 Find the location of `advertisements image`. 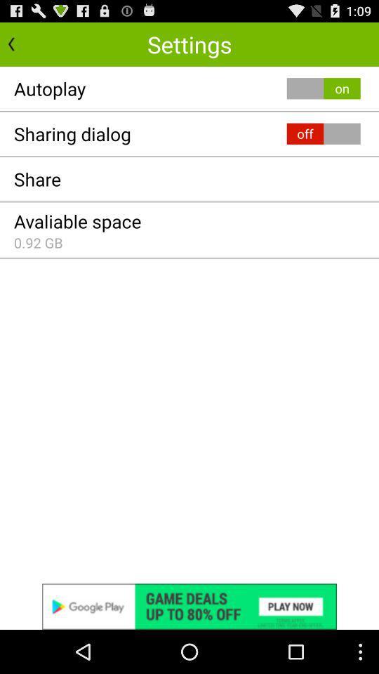

advertisements image is located at coordinates (189, 606).